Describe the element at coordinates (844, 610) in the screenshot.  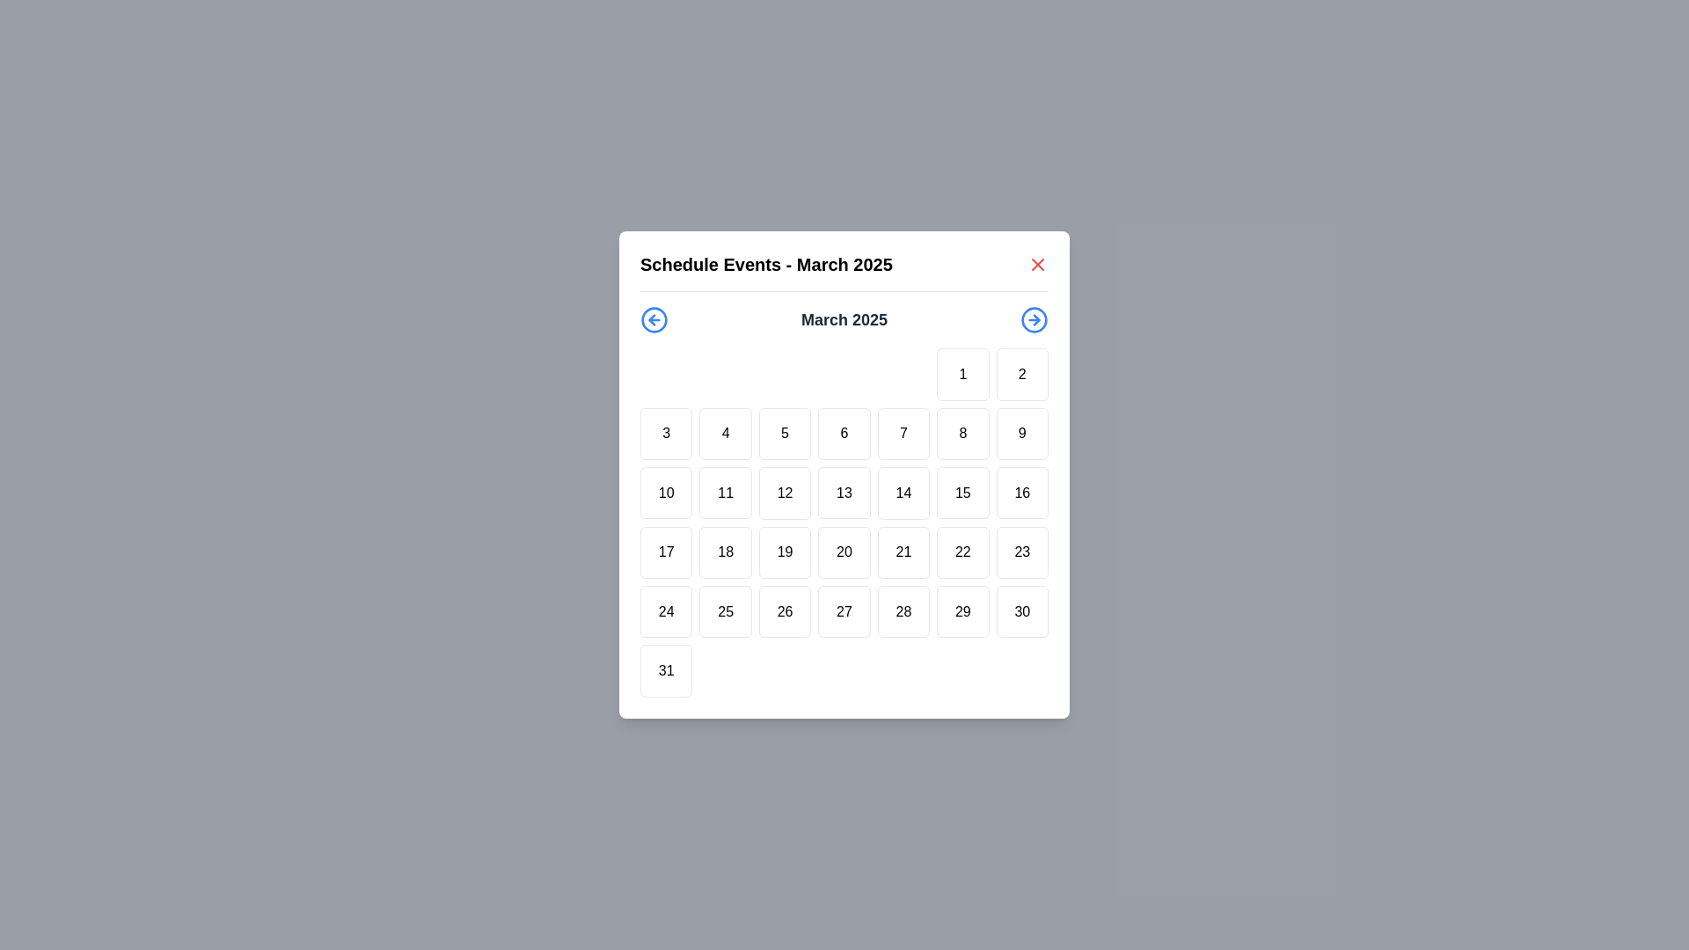
I see `the button representing the 27th day in the calendar interface` at that location.